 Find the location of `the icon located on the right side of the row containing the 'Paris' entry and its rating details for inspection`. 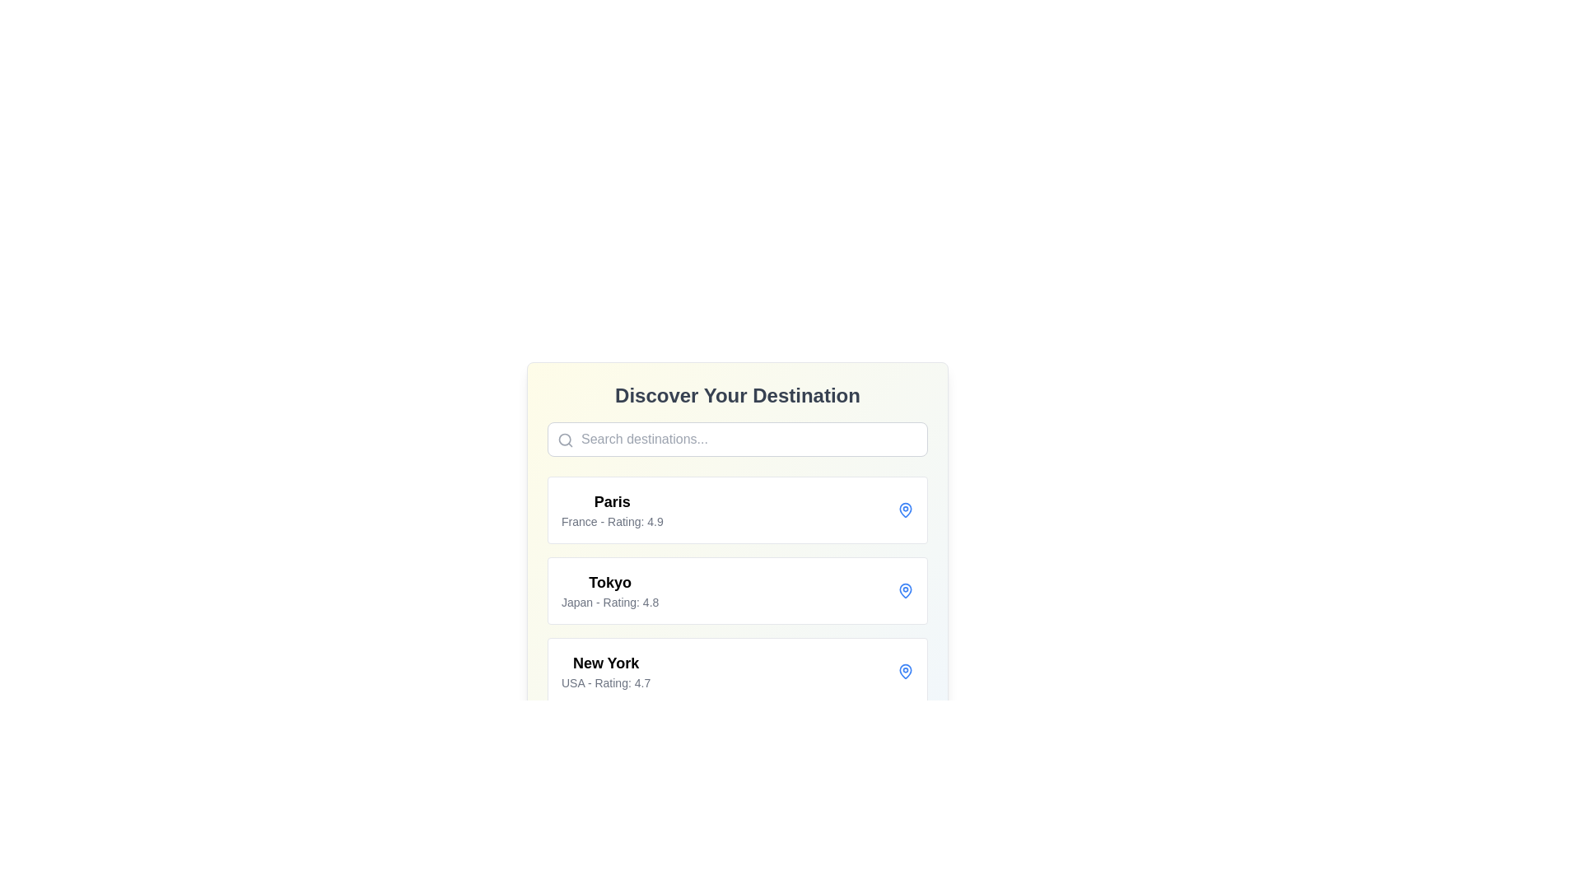

the icon located on the right side of the row containing the 'Paris' entry and its rating details for inspection is located at coordinates (904, 510).